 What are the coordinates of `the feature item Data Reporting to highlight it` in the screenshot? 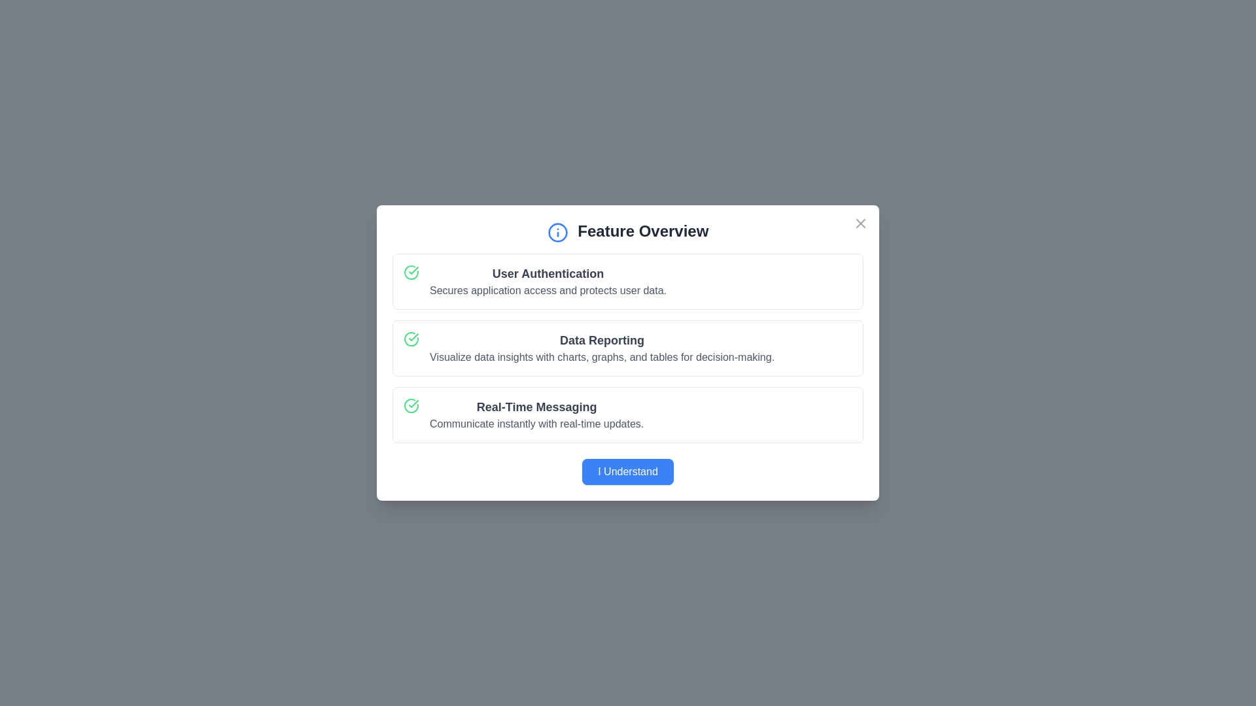 It's located at (628, 347).